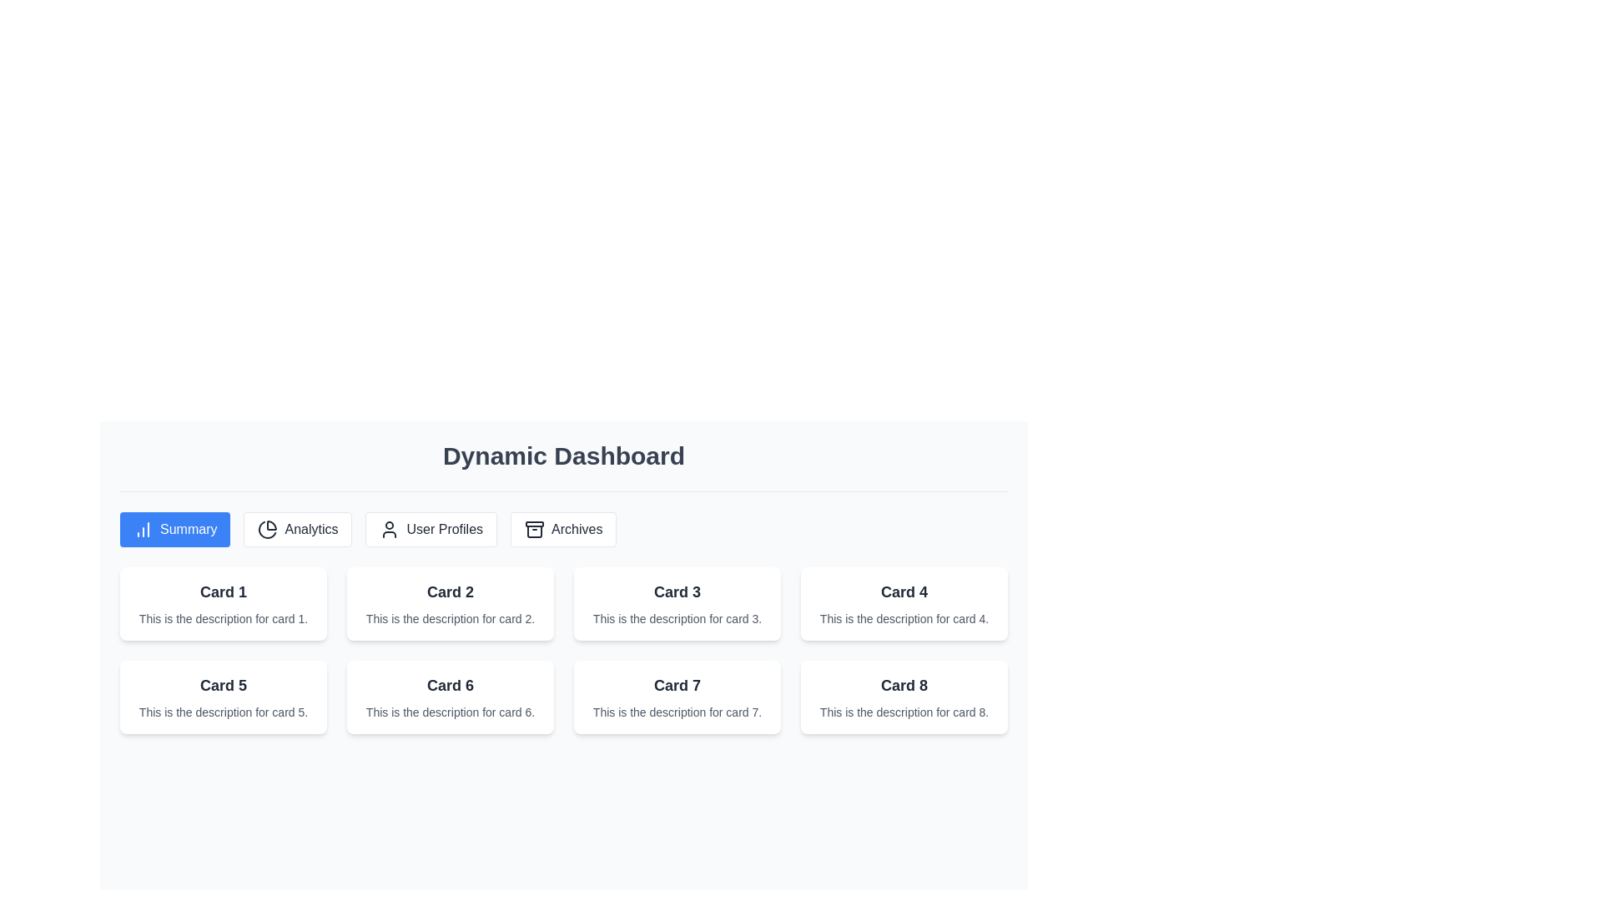  I want to click on the 'Summary' text label in the leftmost button of the horizontal options, so click(175, 530).